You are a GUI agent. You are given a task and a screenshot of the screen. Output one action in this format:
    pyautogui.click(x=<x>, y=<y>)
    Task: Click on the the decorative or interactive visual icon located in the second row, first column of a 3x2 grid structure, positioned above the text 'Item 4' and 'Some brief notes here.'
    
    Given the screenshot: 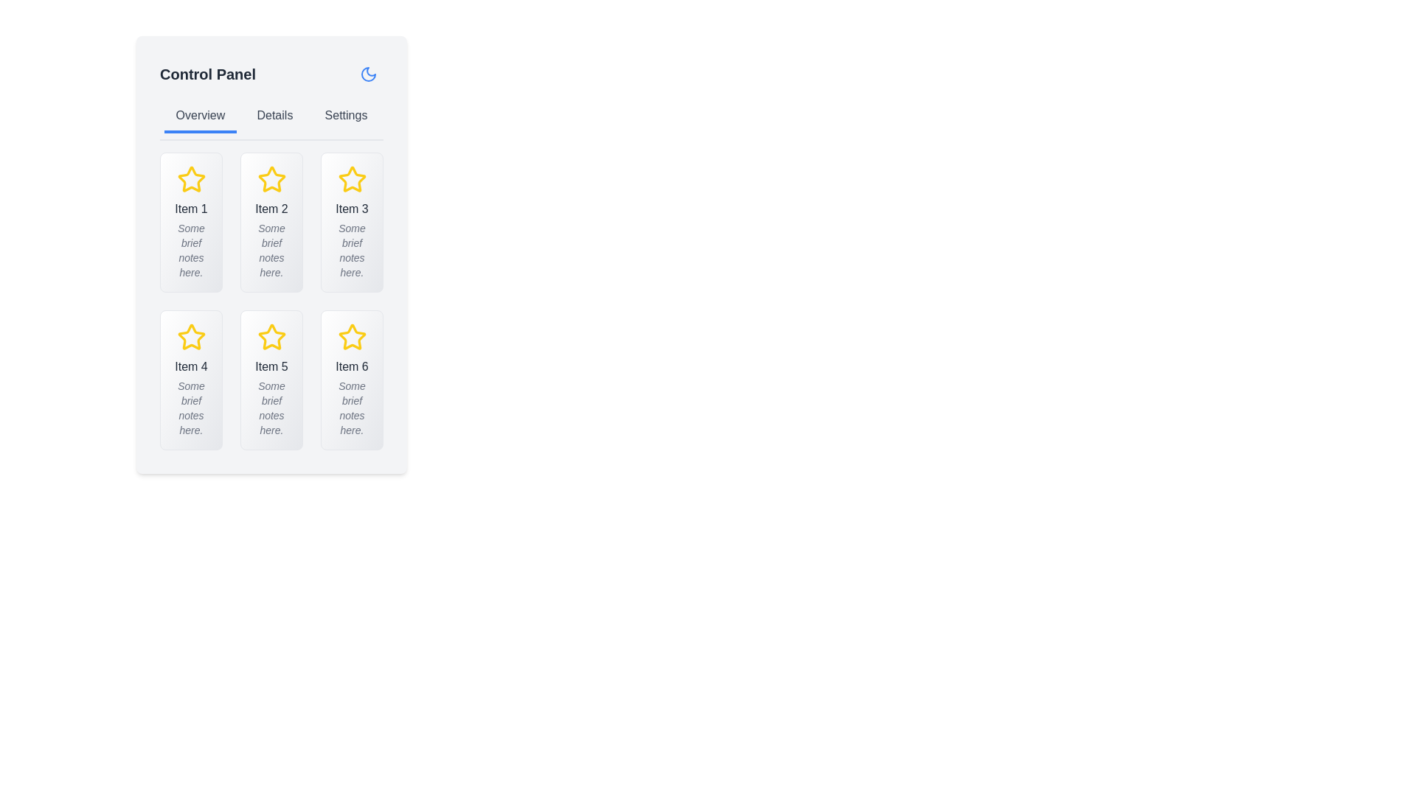 What is the action you would take?
    pyautogui.click(x=190, y=338)
    